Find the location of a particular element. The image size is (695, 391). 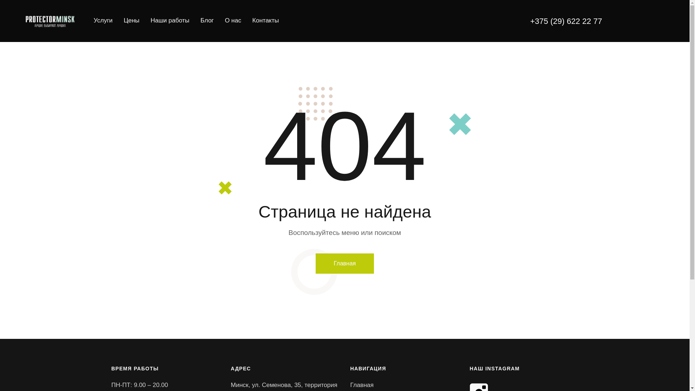

'+375 (29) 622 22 77' is located at coordinates (566, 20).